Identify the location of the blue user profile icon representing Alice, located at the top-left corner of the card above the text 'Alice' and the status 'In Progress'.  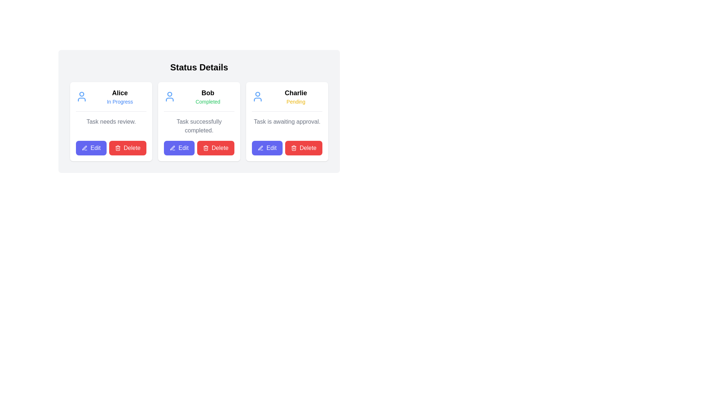
(82, 96).